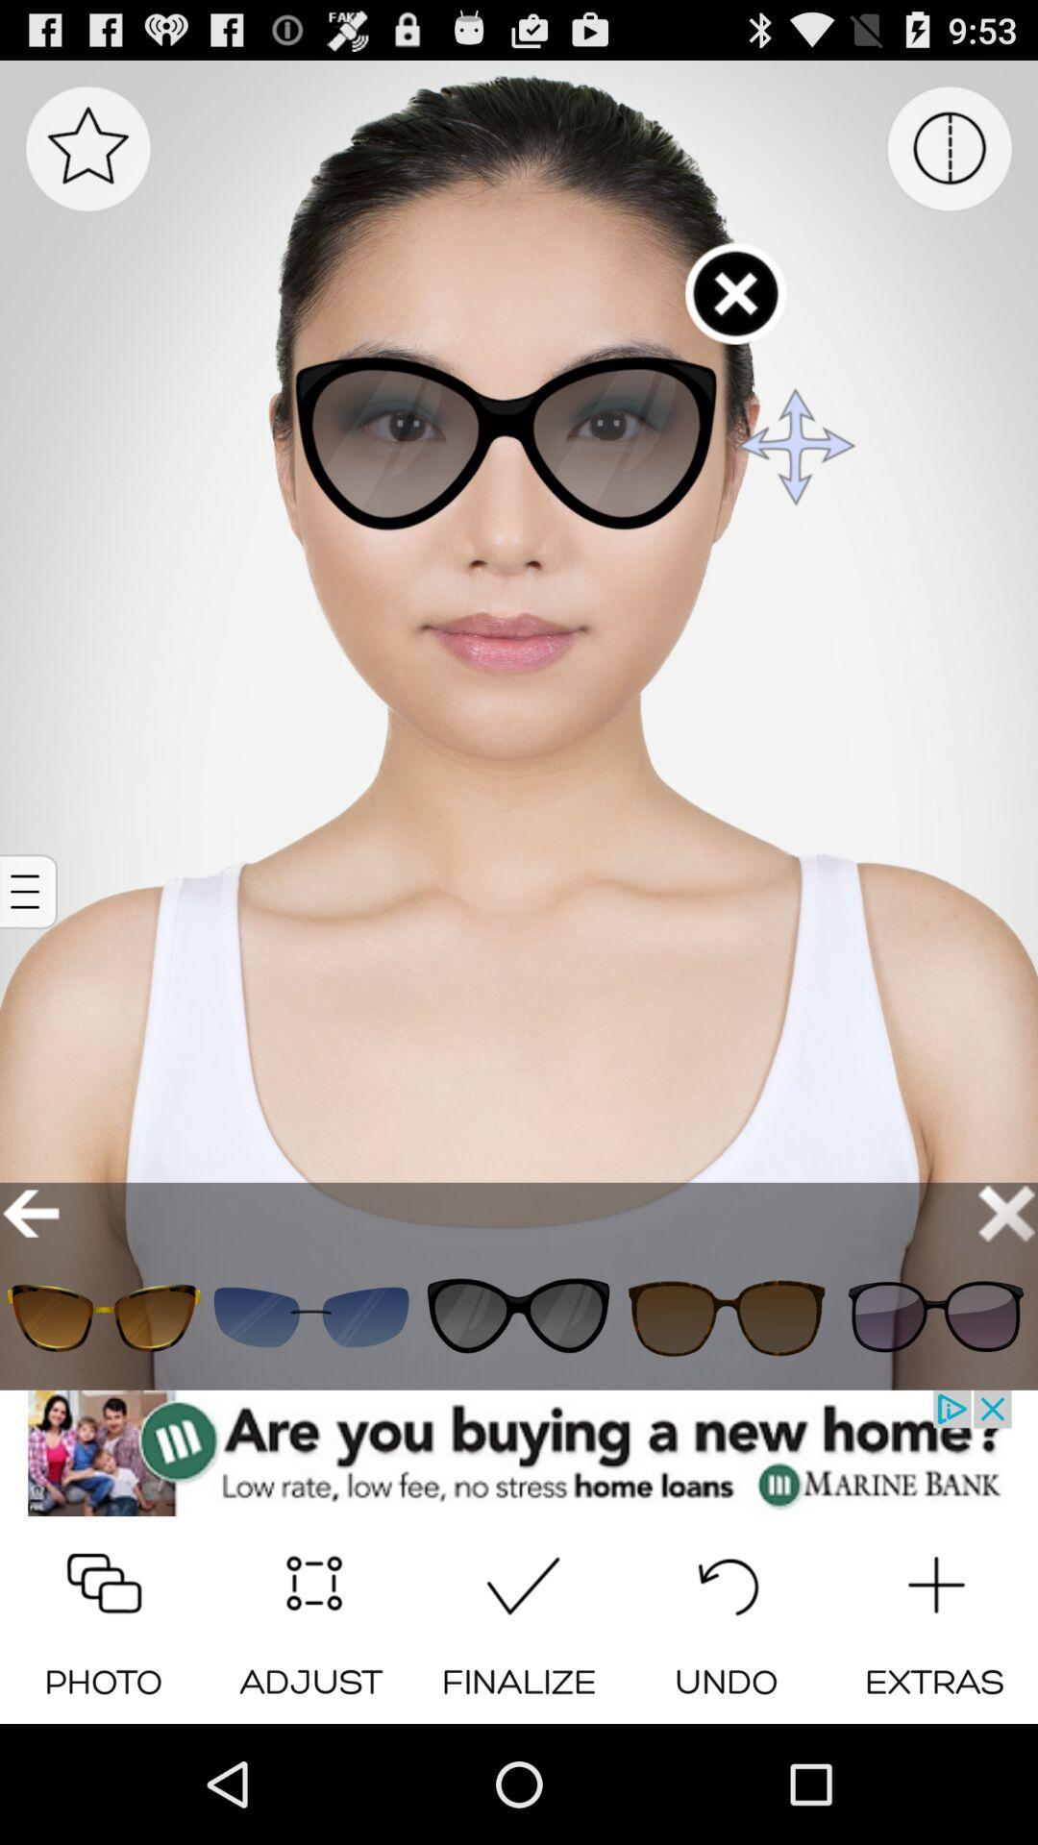 This screenshot has height=1845, width=1038. Describe the element at coordinates (104, 1316) in the screenshot. I see `try this item on` at that location.